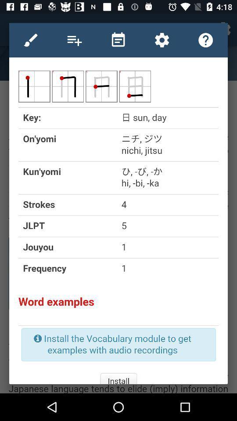 This screenshot has height=421, width=237. Describe the element at coordinates (118, 40) in the screenshot. I see `all` at that location.